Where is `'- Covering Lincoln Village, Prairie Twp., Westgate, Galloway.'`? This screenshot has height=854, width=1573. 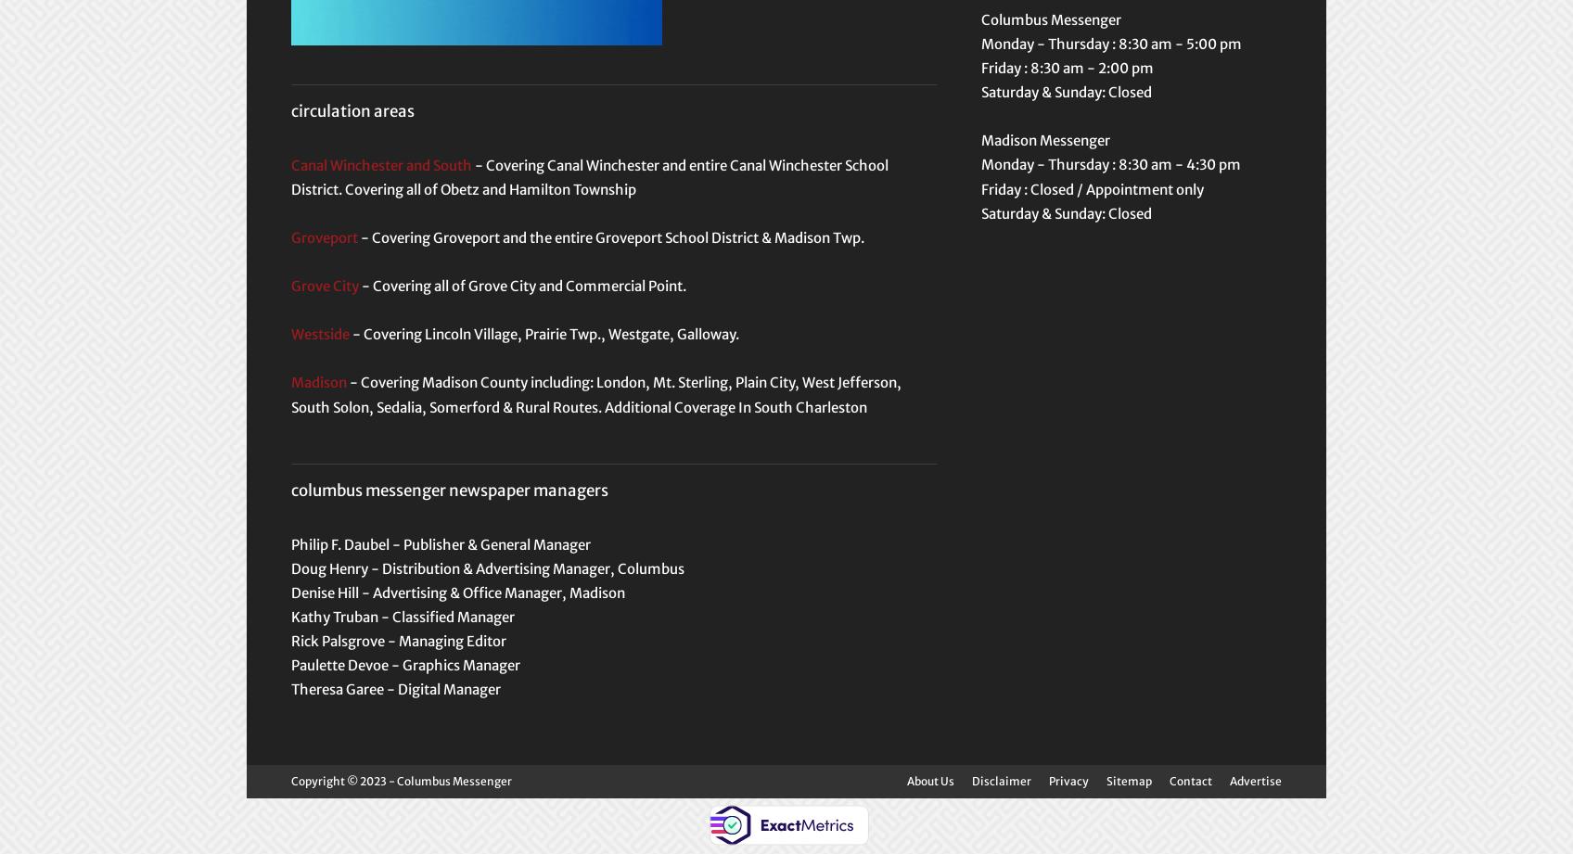
'- Covering Lincoln Village, Prairie Twp., Westgate, Galloway.' is located at coordinates (349, 334).